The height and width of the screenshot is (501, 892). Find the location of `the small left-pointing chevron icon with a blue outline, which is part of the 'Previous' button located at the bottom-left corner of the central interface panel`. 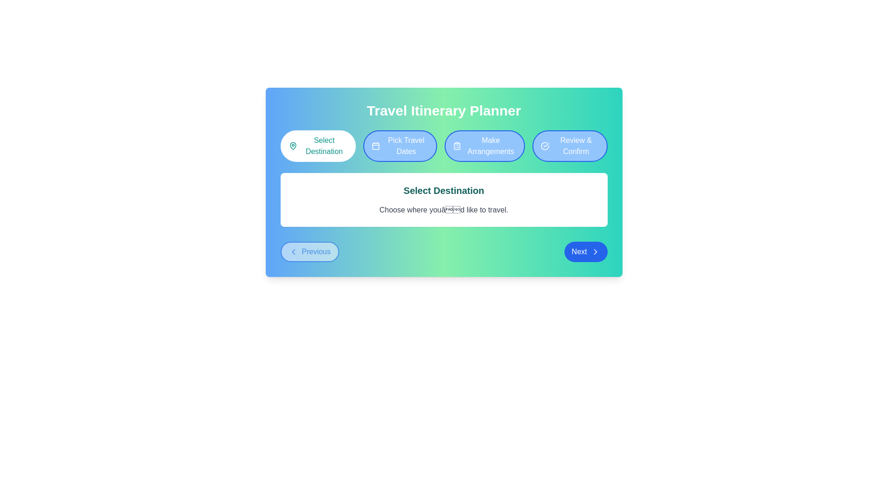

the small left-pointing chevron icon with a blue outline, which is part of the 'Previous' button located at the bottom-left corner of the central interface panel is located at coordinates (293, 252).